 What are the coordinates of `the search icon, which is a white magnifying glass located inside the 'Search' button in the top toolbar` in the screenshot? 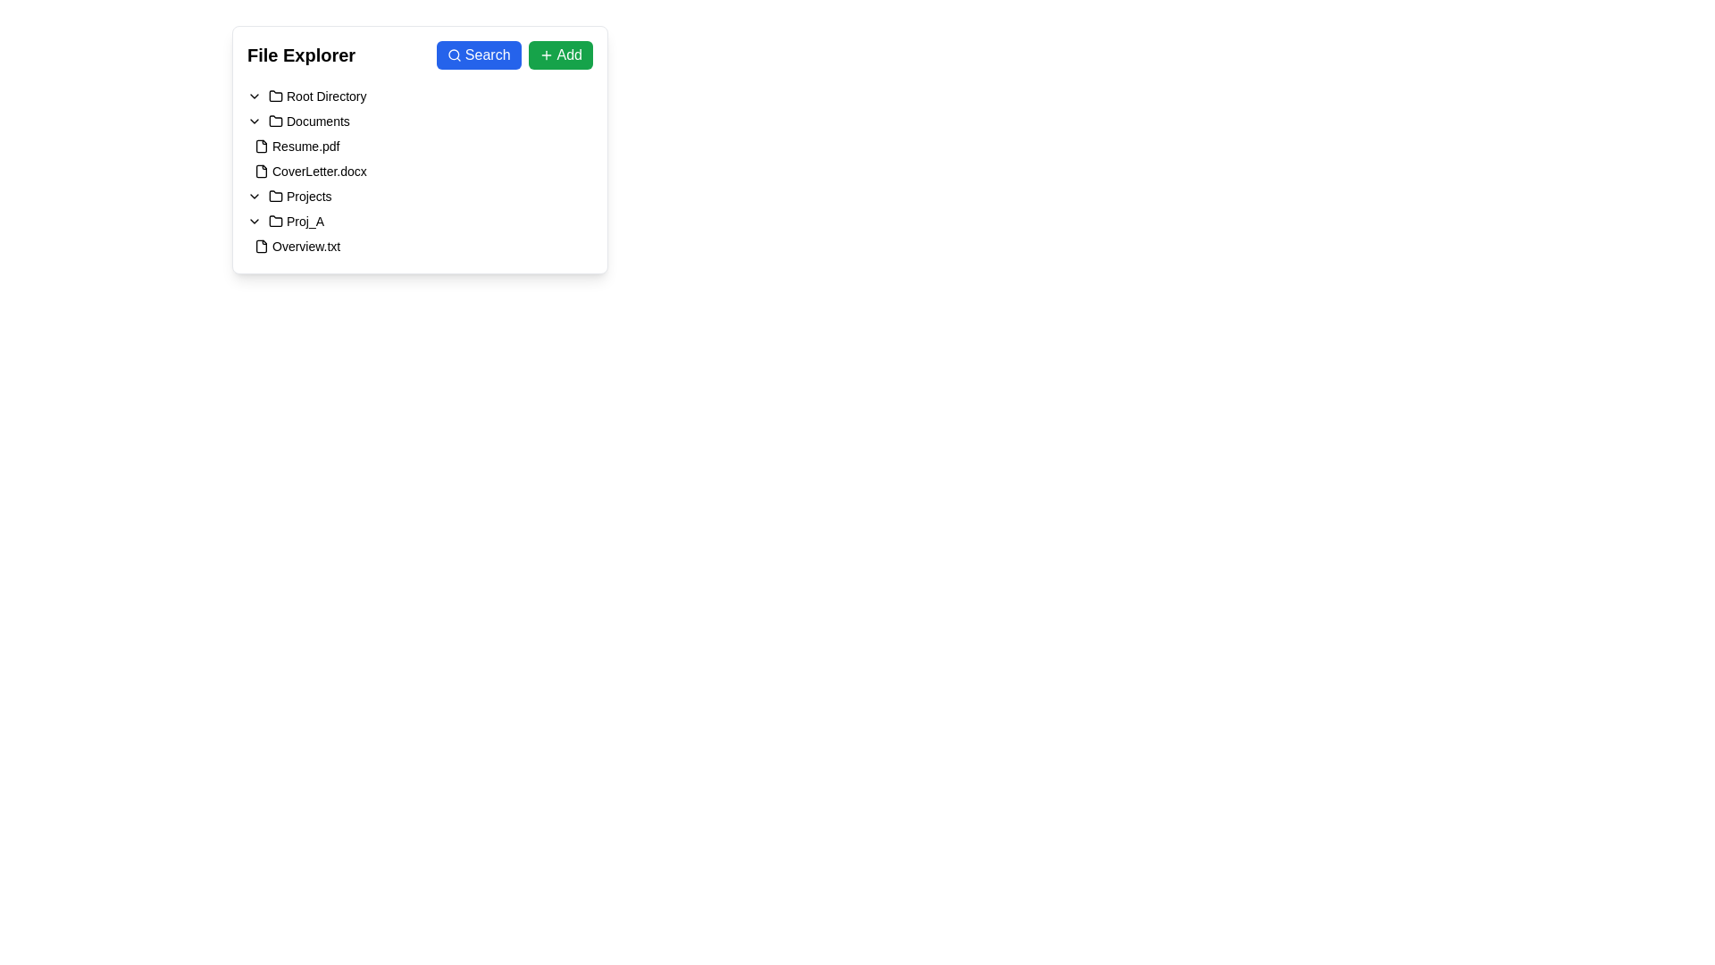 It's located at (454, 54).